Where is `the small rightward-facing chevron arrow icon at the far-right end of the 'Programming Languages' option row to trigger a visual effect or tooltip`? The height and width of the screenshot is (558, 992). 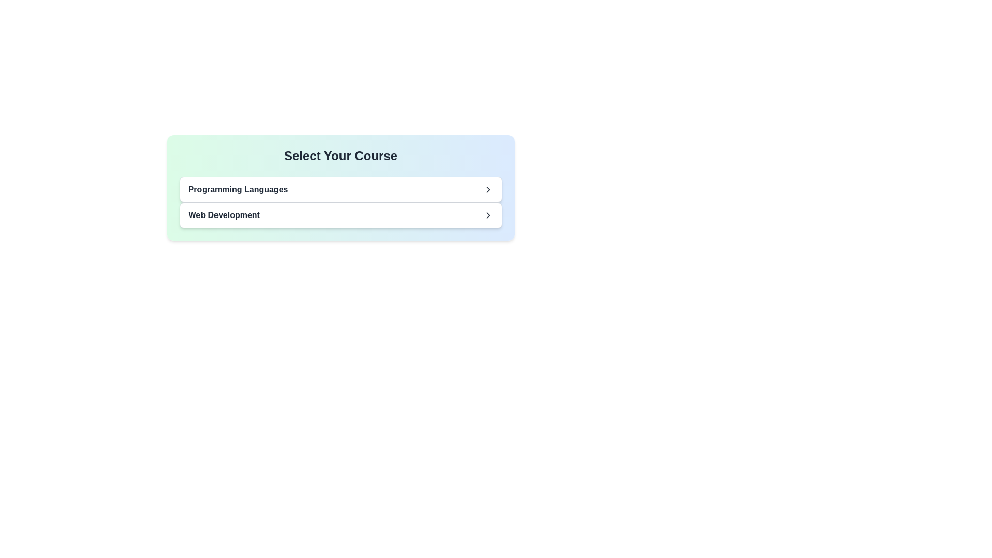
the small rightward-facing chevron arrow icon at the far-right end of the 'Programming Languages' option row to trigger a visual effect or tooltip is located at coordinates (487, 189).